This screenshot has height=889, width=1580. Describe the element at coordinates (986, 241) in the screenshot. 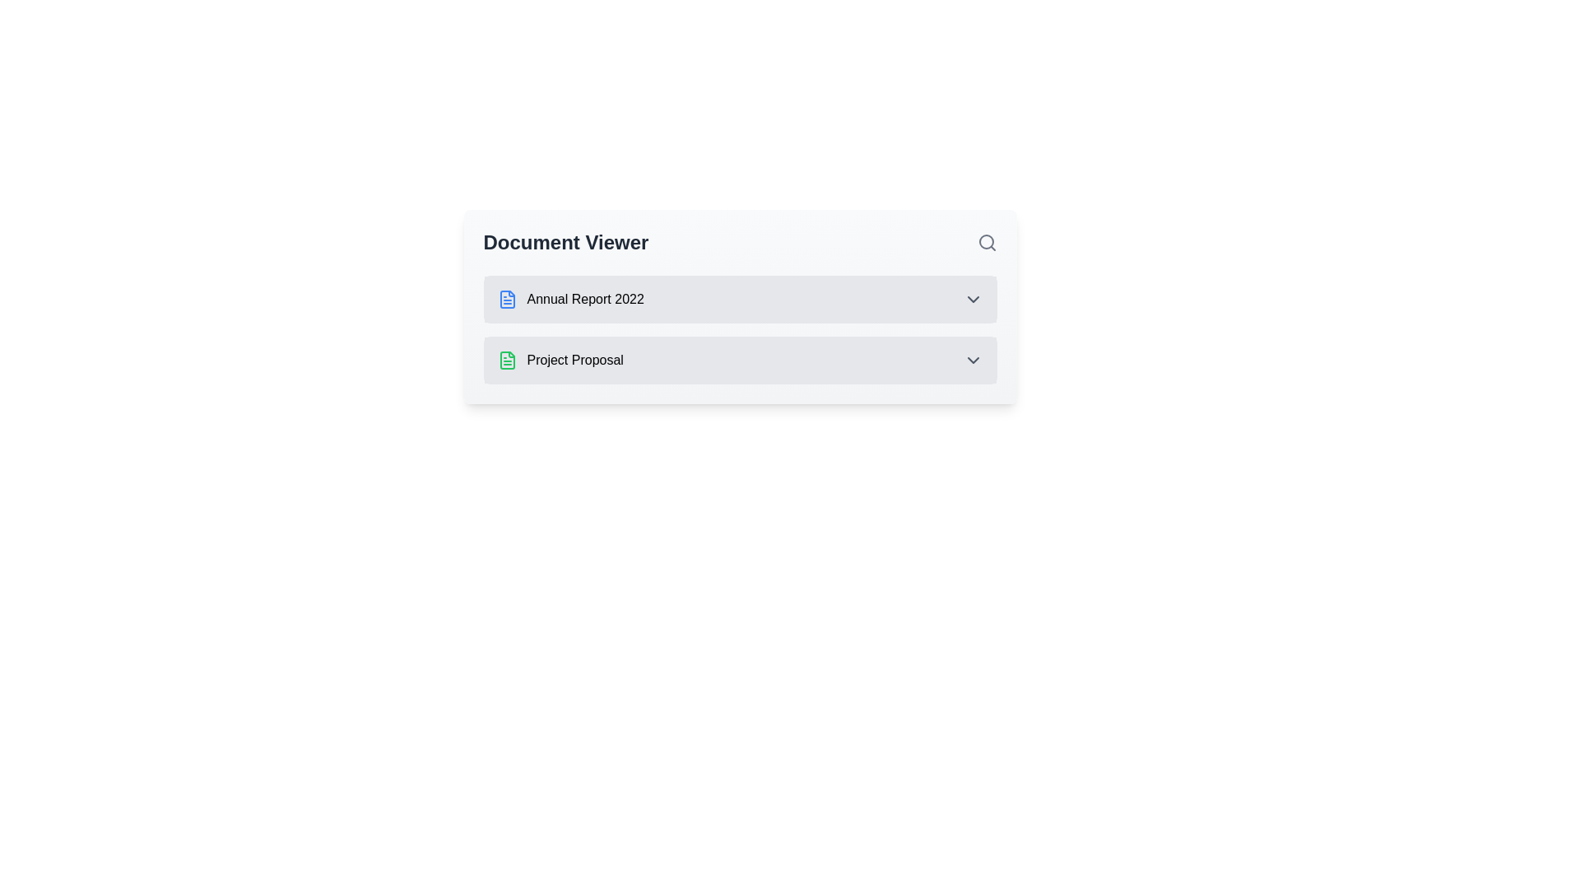

I see `the circular part of the magnifying glass icon located in the top-right corner of the 'Document Viewer' card` at that location.